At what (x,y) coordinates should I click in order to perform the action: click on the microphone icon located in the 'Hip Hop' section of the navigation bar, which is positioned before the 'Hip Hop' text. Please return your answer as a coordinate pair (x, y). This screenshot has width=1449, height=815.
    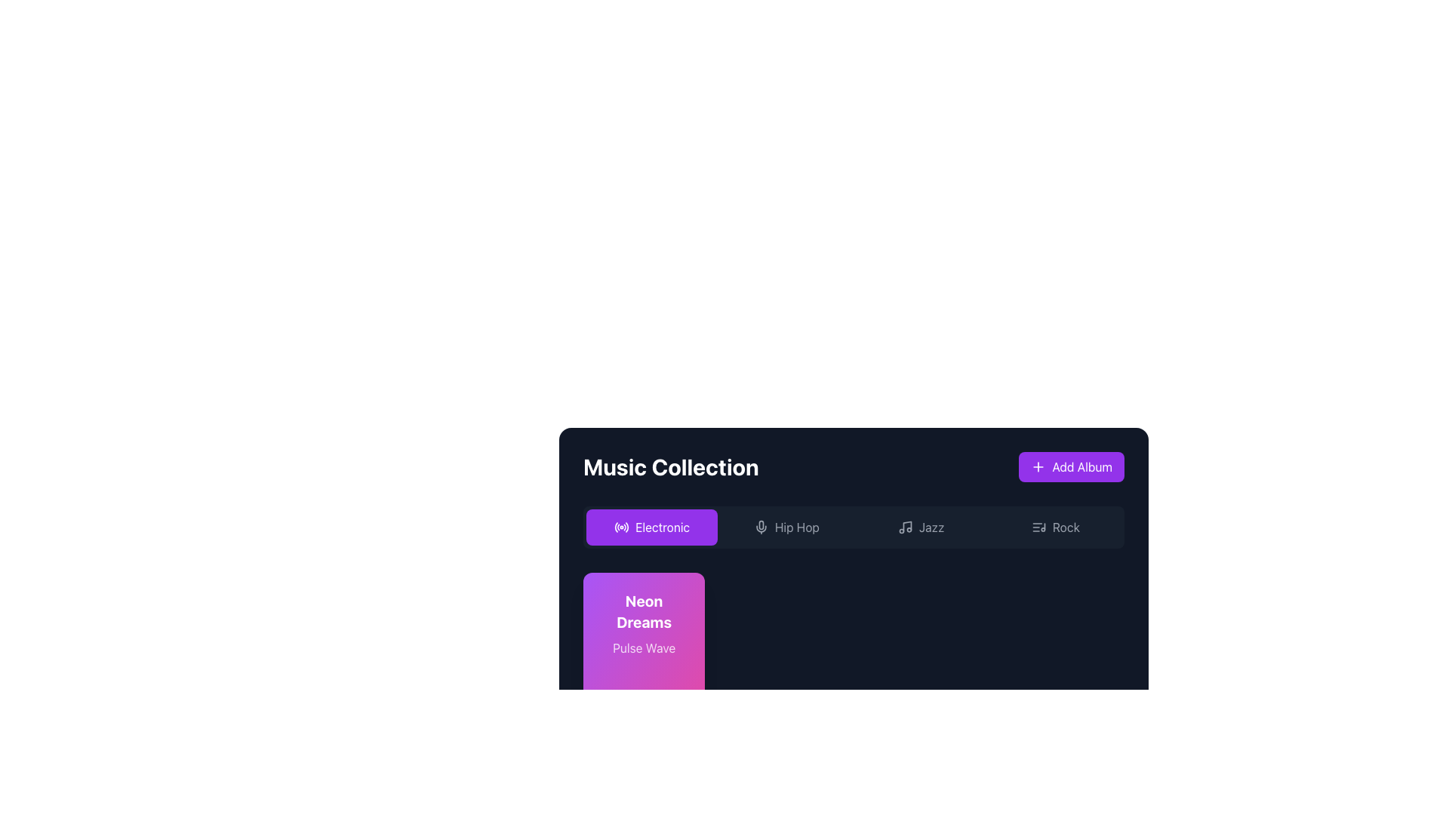
    Looking at the image, I should click on (761, 526).